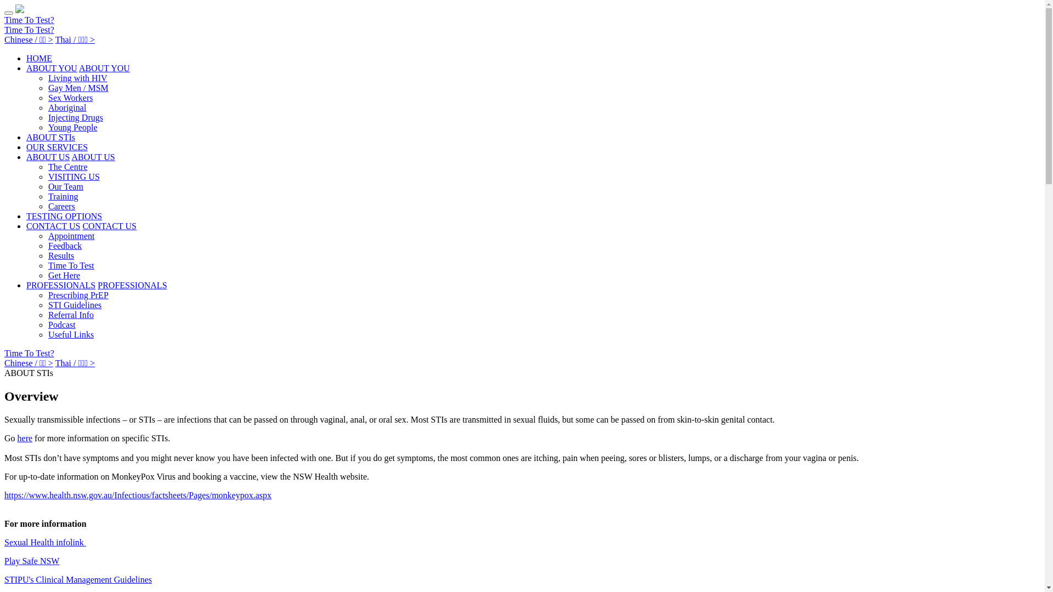 This screenshot has height=592, width=1053. What do you see at coordinates (70, 334) in the screenshot?
I see `'Useful Links'` at bounding box center [70, 334].